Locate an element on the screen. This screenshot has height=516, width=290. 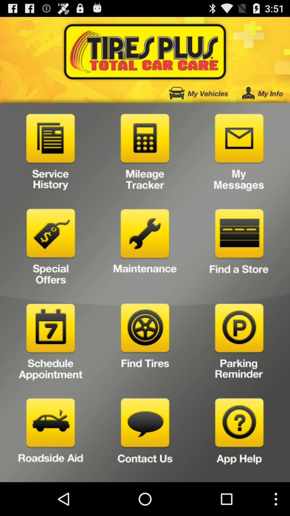
find a tires plus store is located at coordinates (239, 248).